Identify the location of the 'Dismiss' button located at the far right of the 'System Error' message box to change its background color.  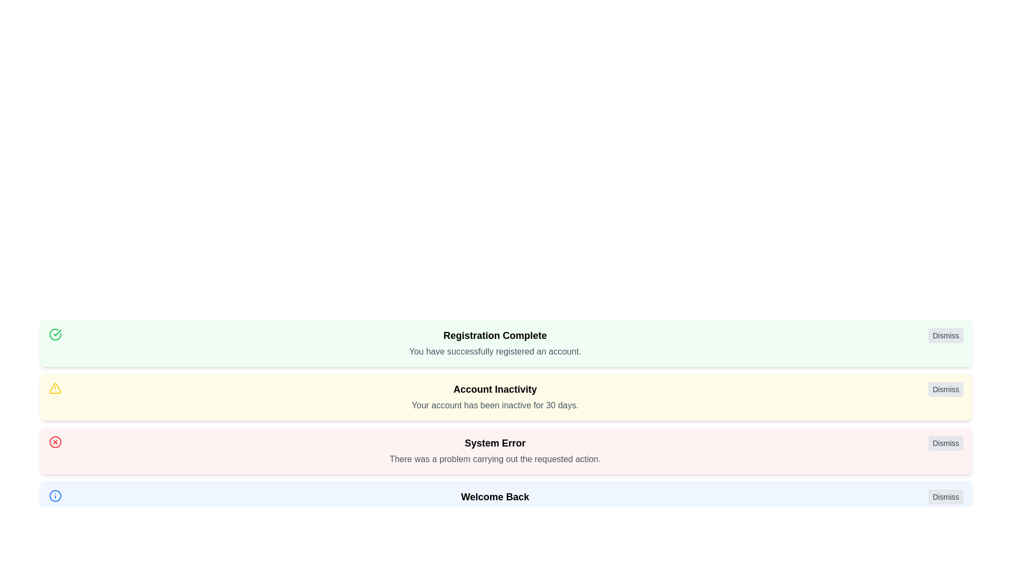
(945, 443).